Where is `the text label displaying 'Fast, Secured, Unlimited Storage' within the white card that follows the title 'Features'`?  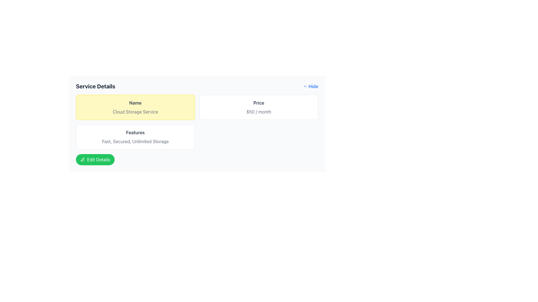 the text label displaying 'Fast, Secured, Unlimited Storage' within the white card that follows the title 'Features' is located at coordinates (135, 141).